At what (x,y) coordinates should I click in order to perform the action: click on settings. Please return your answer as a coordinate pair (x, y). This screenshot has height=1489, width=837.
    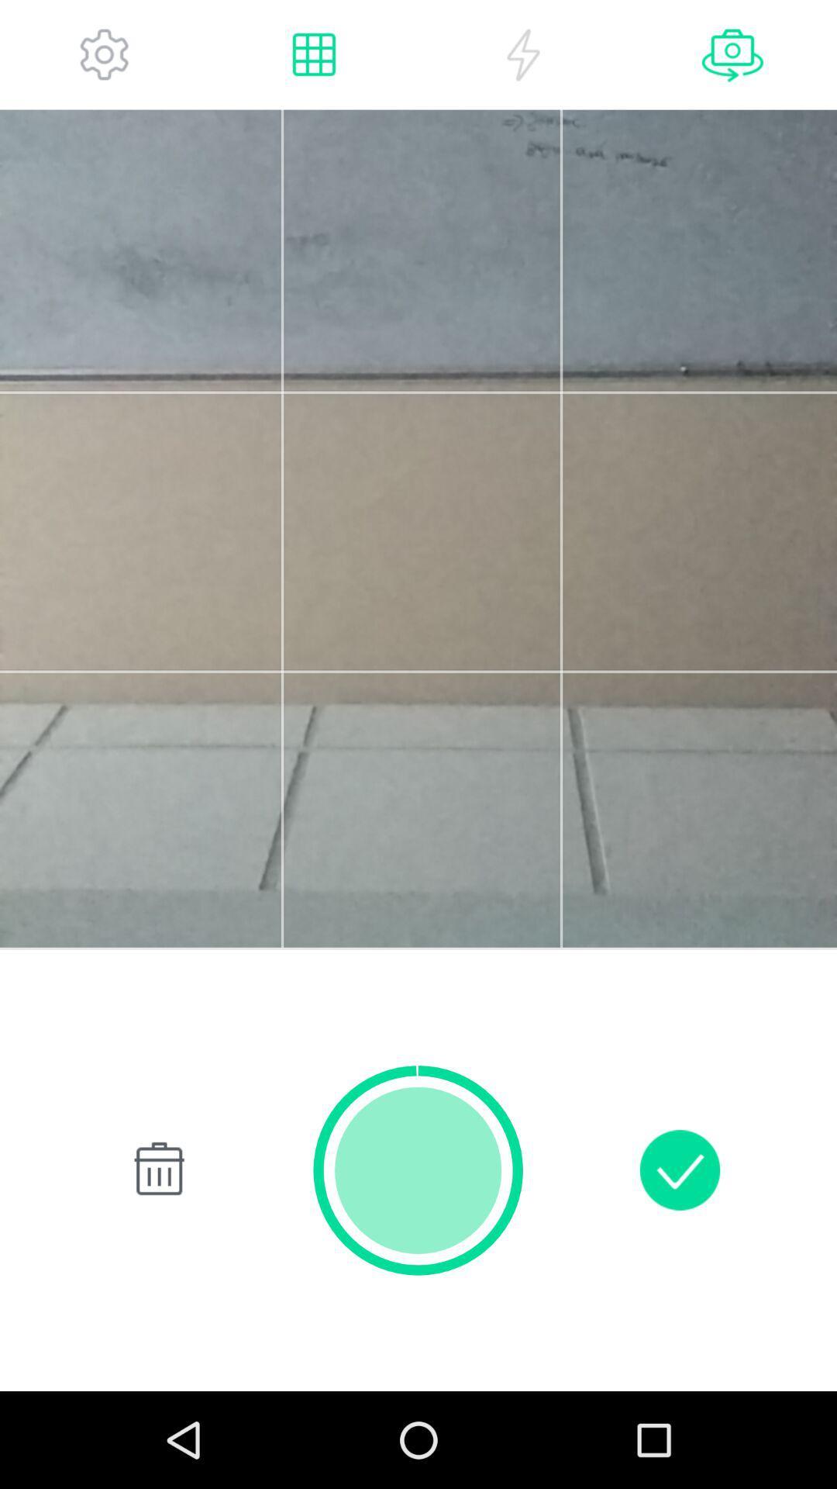
    Looking at the image, I should click on (105, 54).